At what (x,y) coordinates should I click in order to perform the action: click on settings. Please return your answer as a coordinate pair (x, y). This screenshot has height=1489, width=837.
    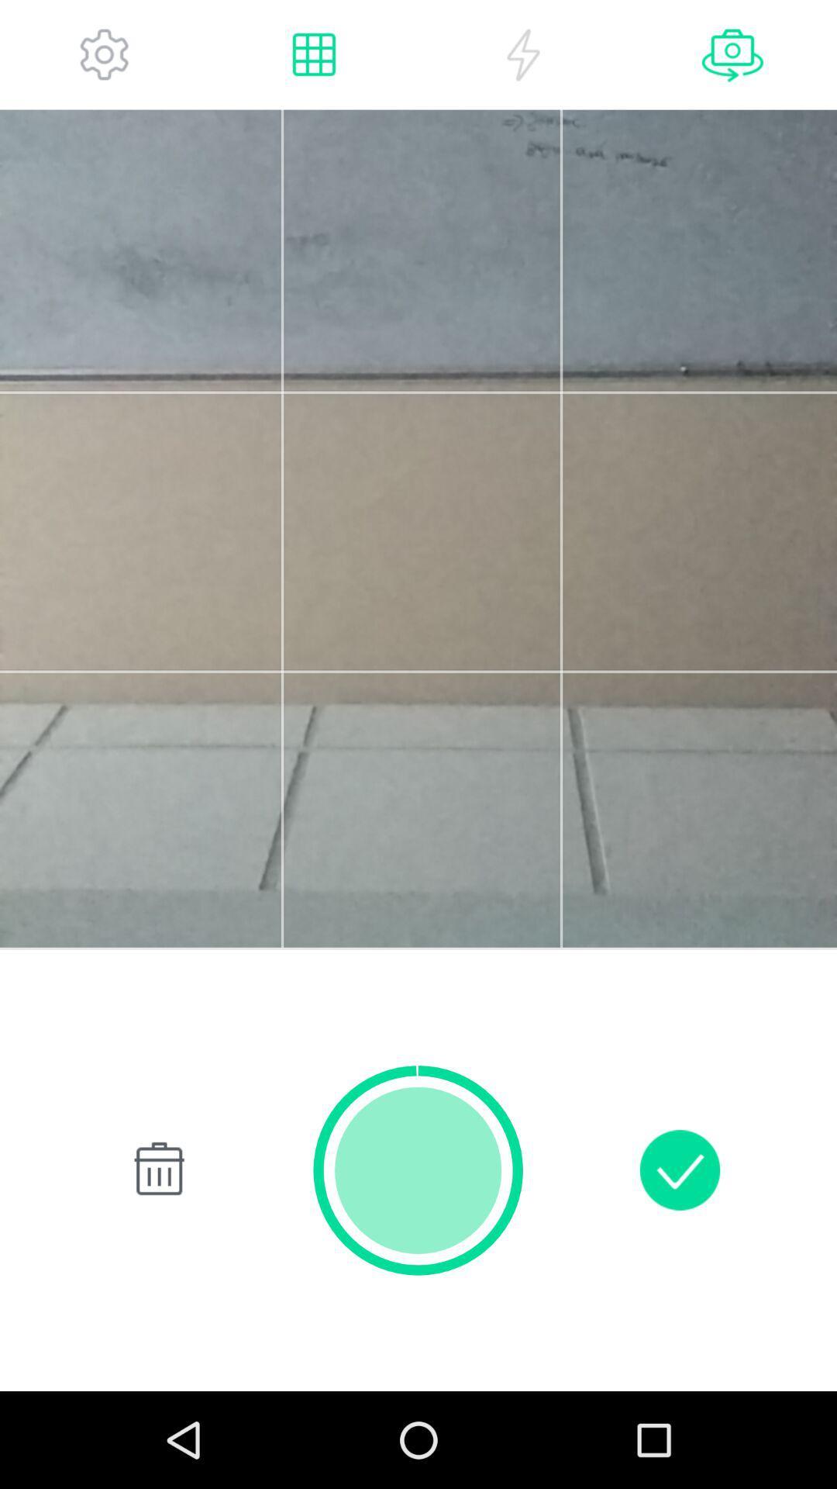
    Looking at the image, I should click on (105, 54).